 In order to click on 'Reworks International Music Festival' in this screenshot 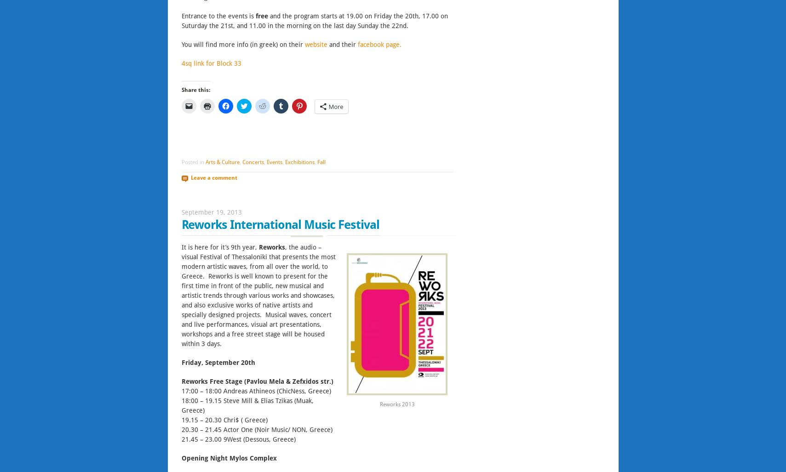, I will do `click(180, 224)`.